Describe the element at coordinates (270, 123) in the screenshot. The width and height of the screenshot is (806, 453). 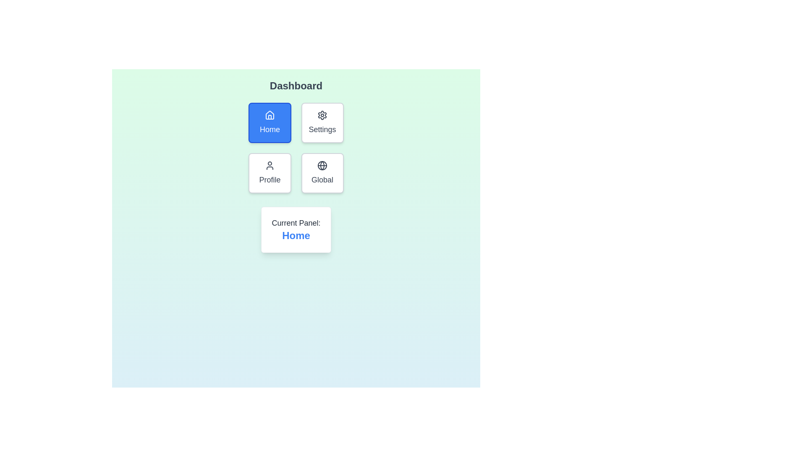
I see `the button for the Home panel` at that location.